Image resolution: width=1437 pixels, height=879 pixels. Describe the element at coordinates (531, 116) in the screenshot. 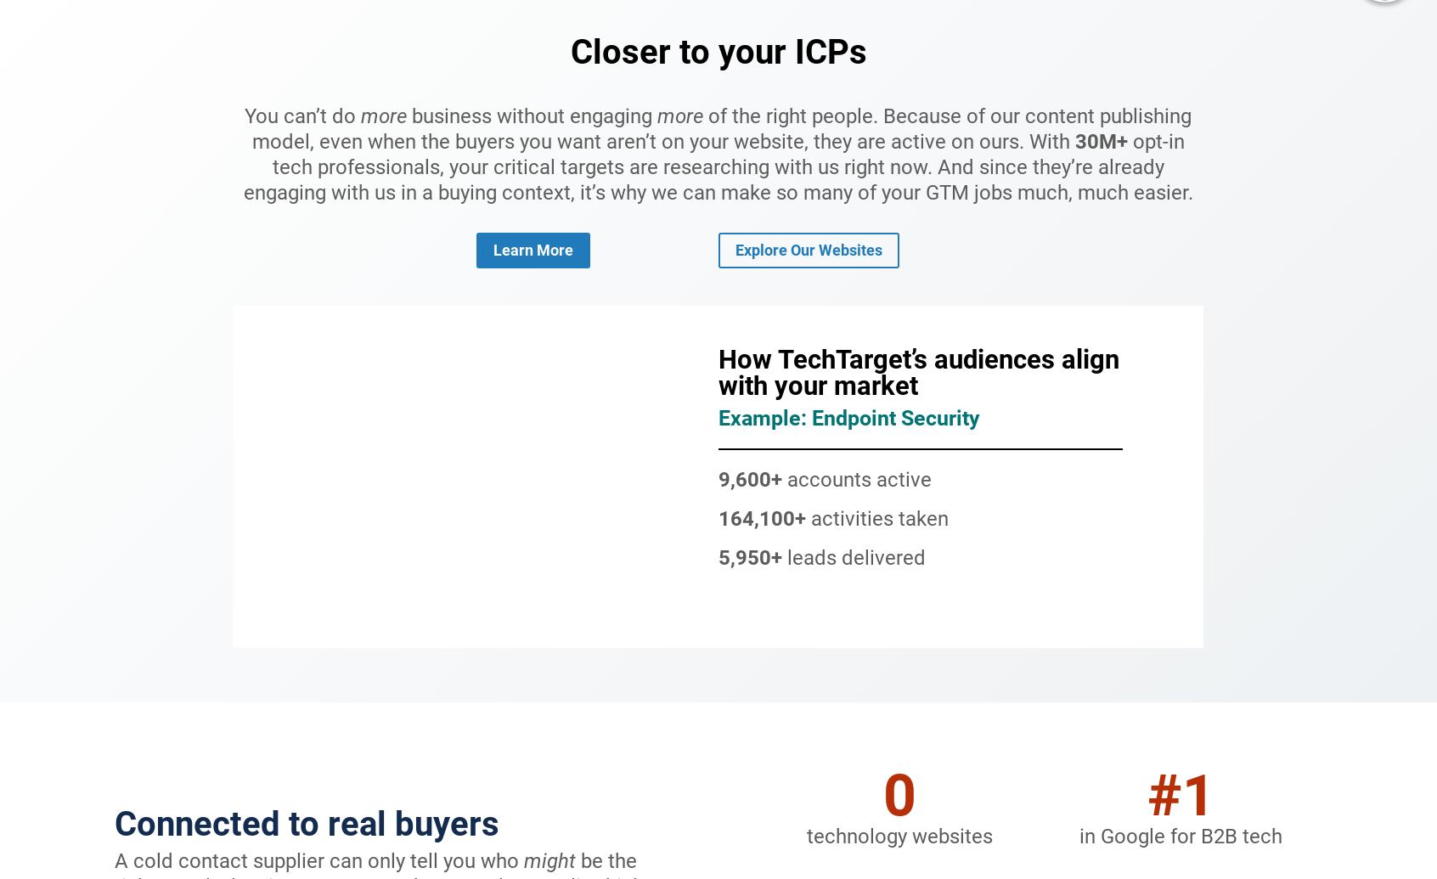

I see `'business without engaging'` at that location.